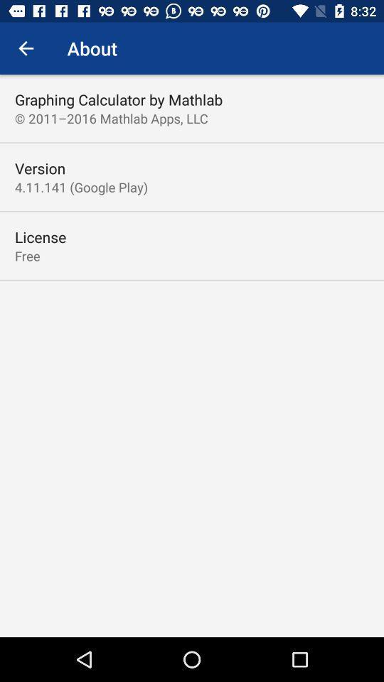  I want to click on the graphing calculator by, so click(118, 99).